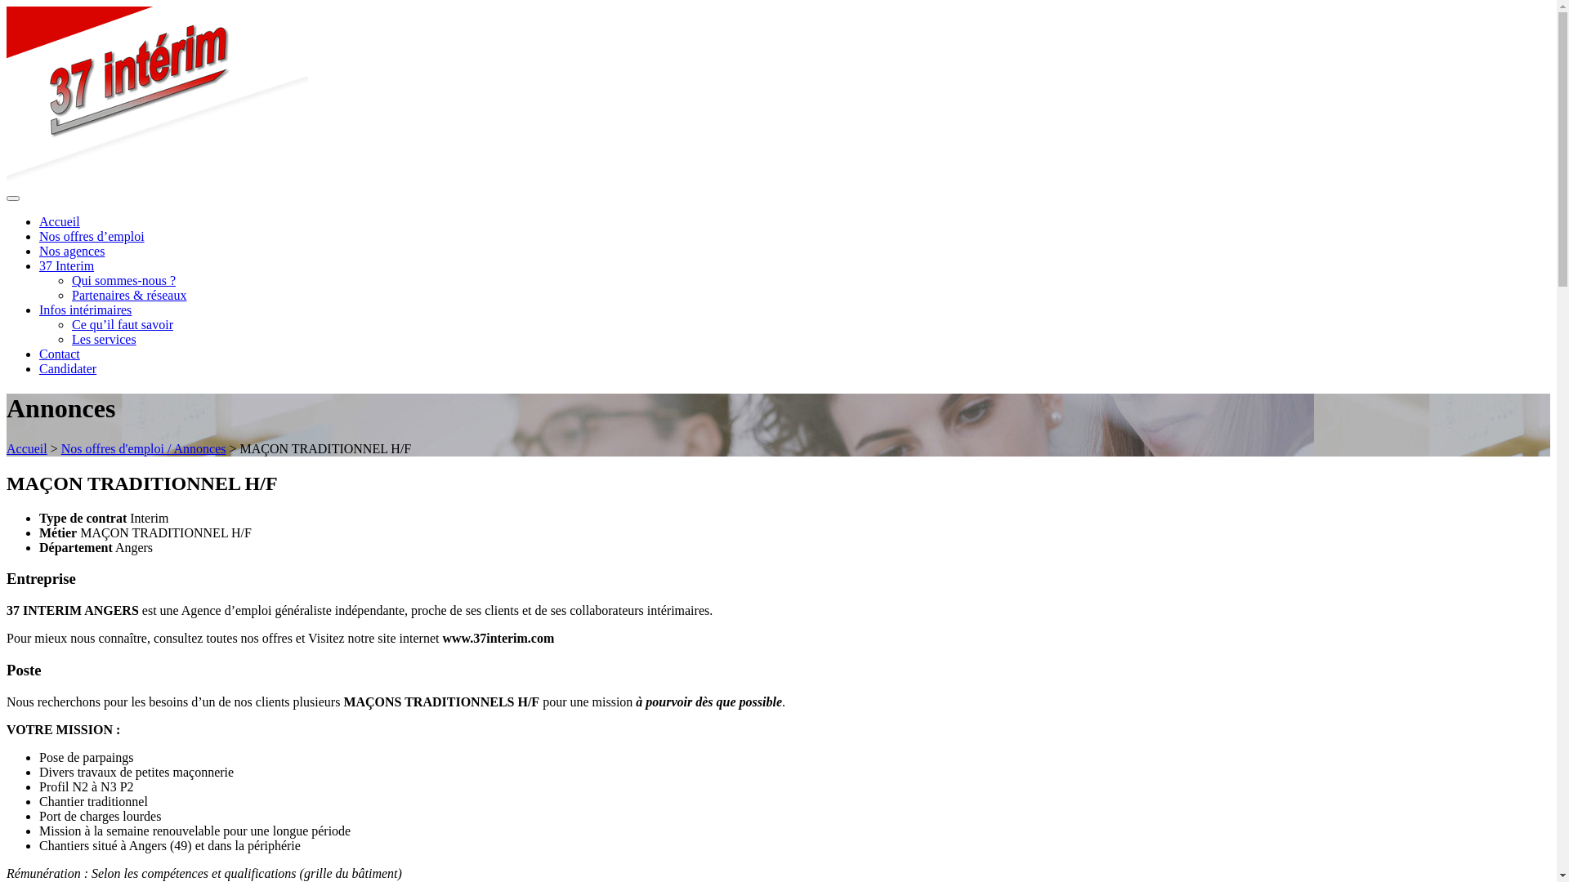 Image resolution: width=1569 pixels, height=882 pixels. I want to click on 'Les services', so click(70, 338).